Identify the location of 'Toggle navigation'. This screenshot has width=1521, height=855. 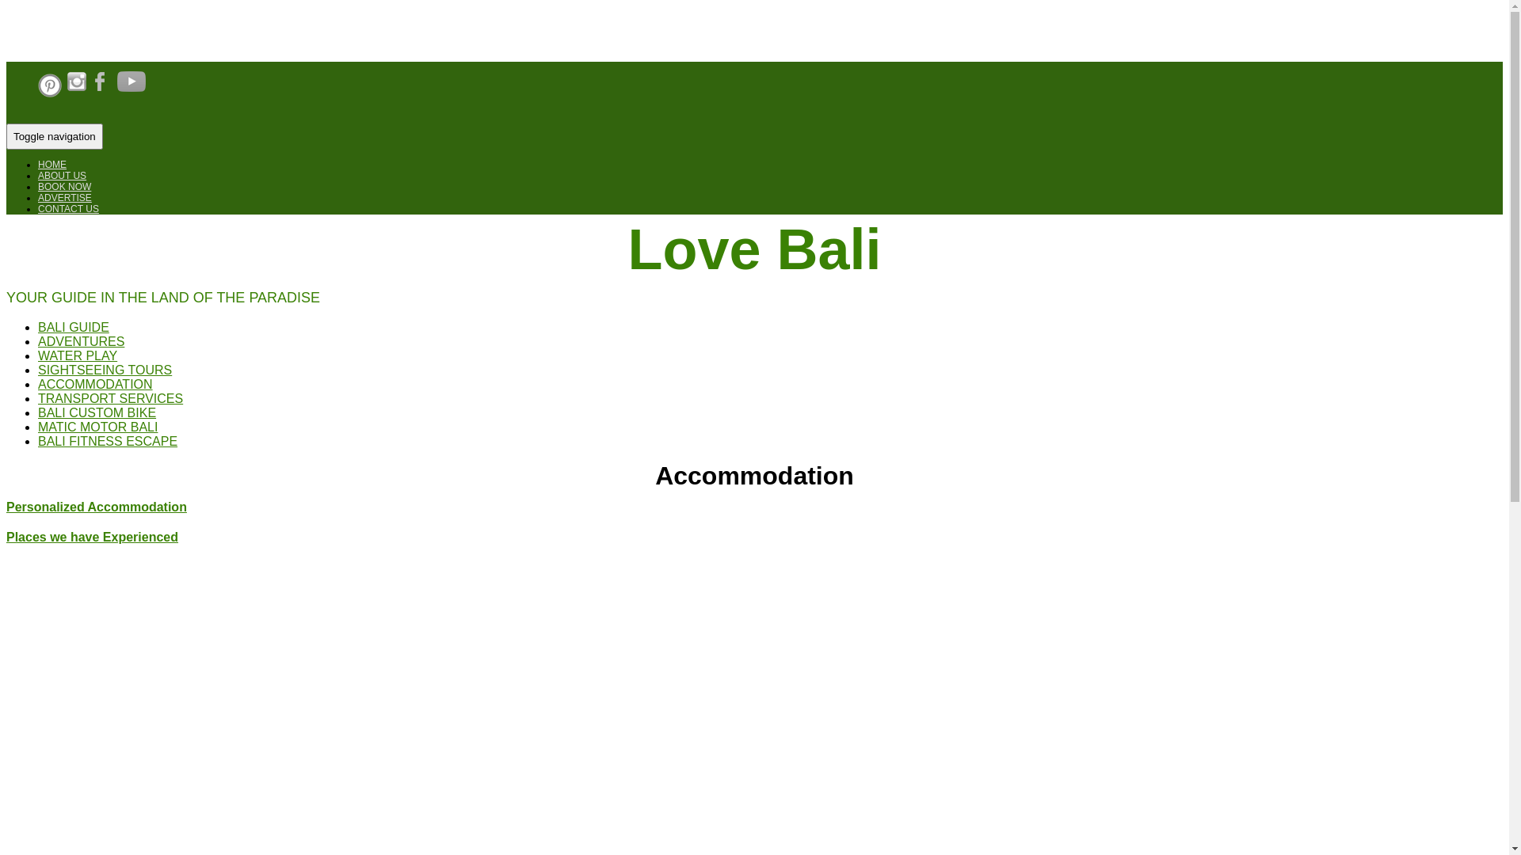
(6, 135).